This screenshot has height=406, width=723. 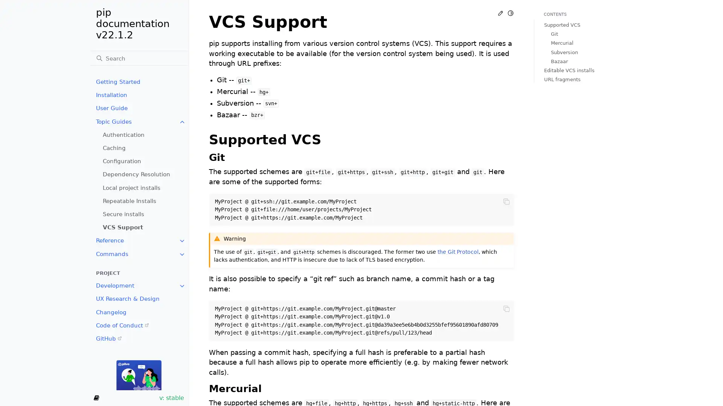 I want to click on Copy to clipboard, so click(x=506, y=309).